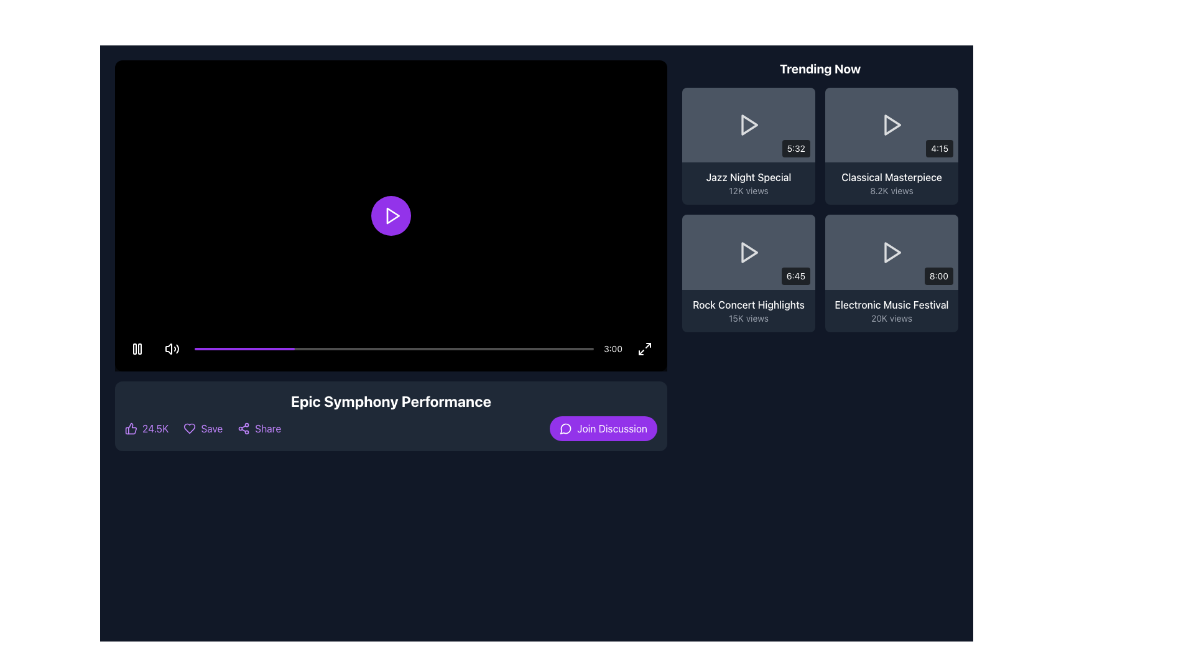 This screenshot has width=1194, height=672. I want to click on the heart icon located to the left of the text label 'Save' in the 'Epic Symphony Performance' section, so click(189, 427).